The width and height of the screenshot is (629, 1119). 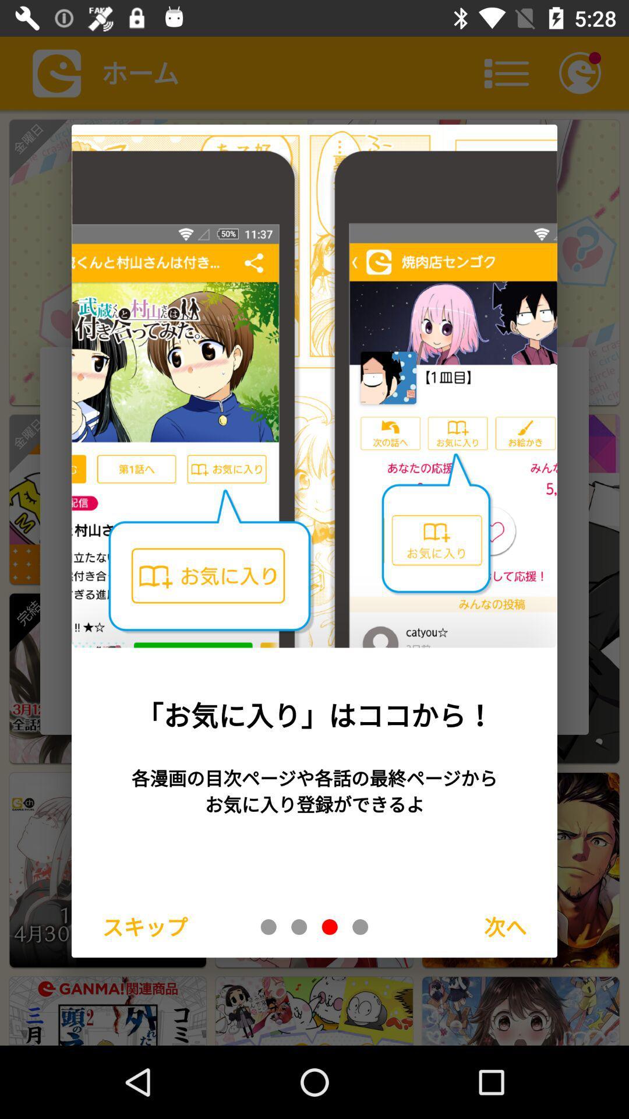 What do you see at coordinates (359, 926) in the screenshot?
I see `next page view` at bounding box center [359, 926].